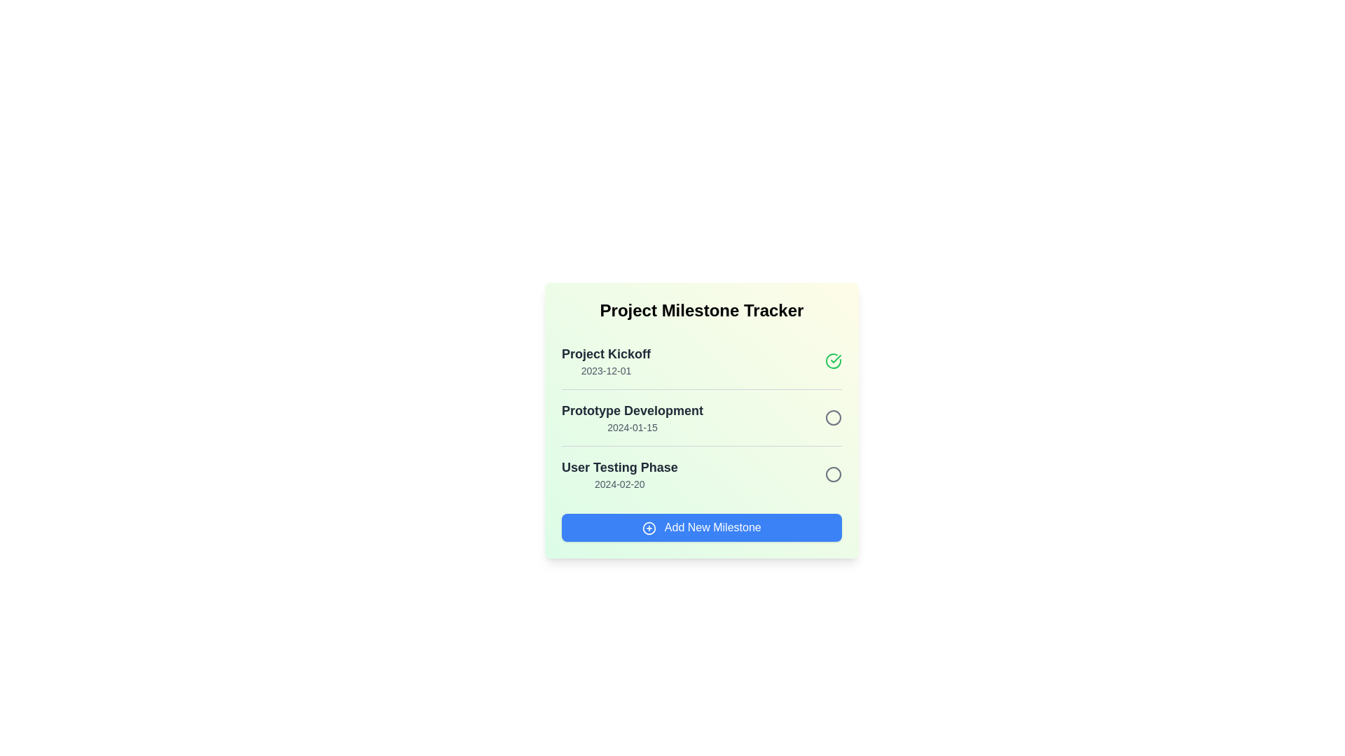  I want to click on the 'Add New Milestone' button to add a new milestone to the list, so click(702, 527).